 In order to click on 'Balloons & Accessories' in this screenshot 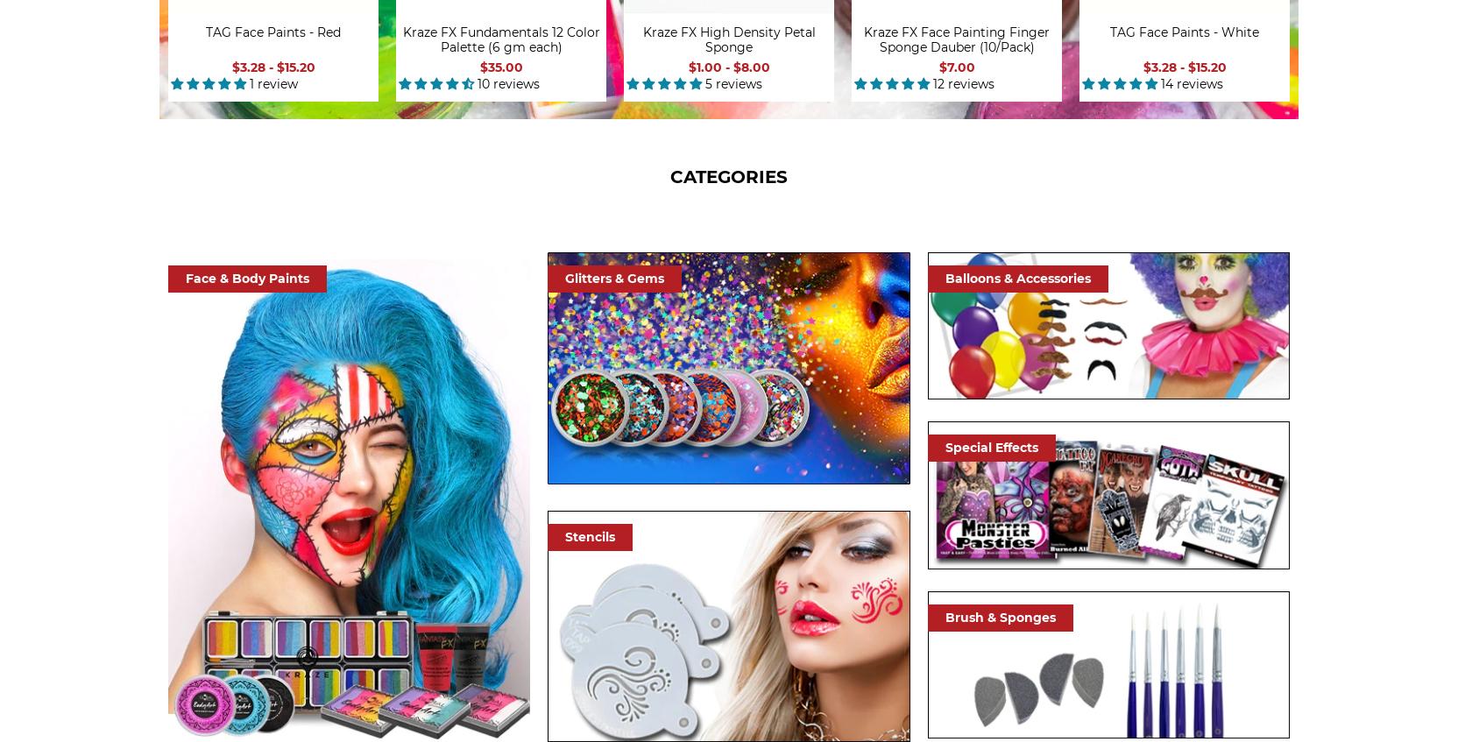, I will do `click(1016, 278)`.